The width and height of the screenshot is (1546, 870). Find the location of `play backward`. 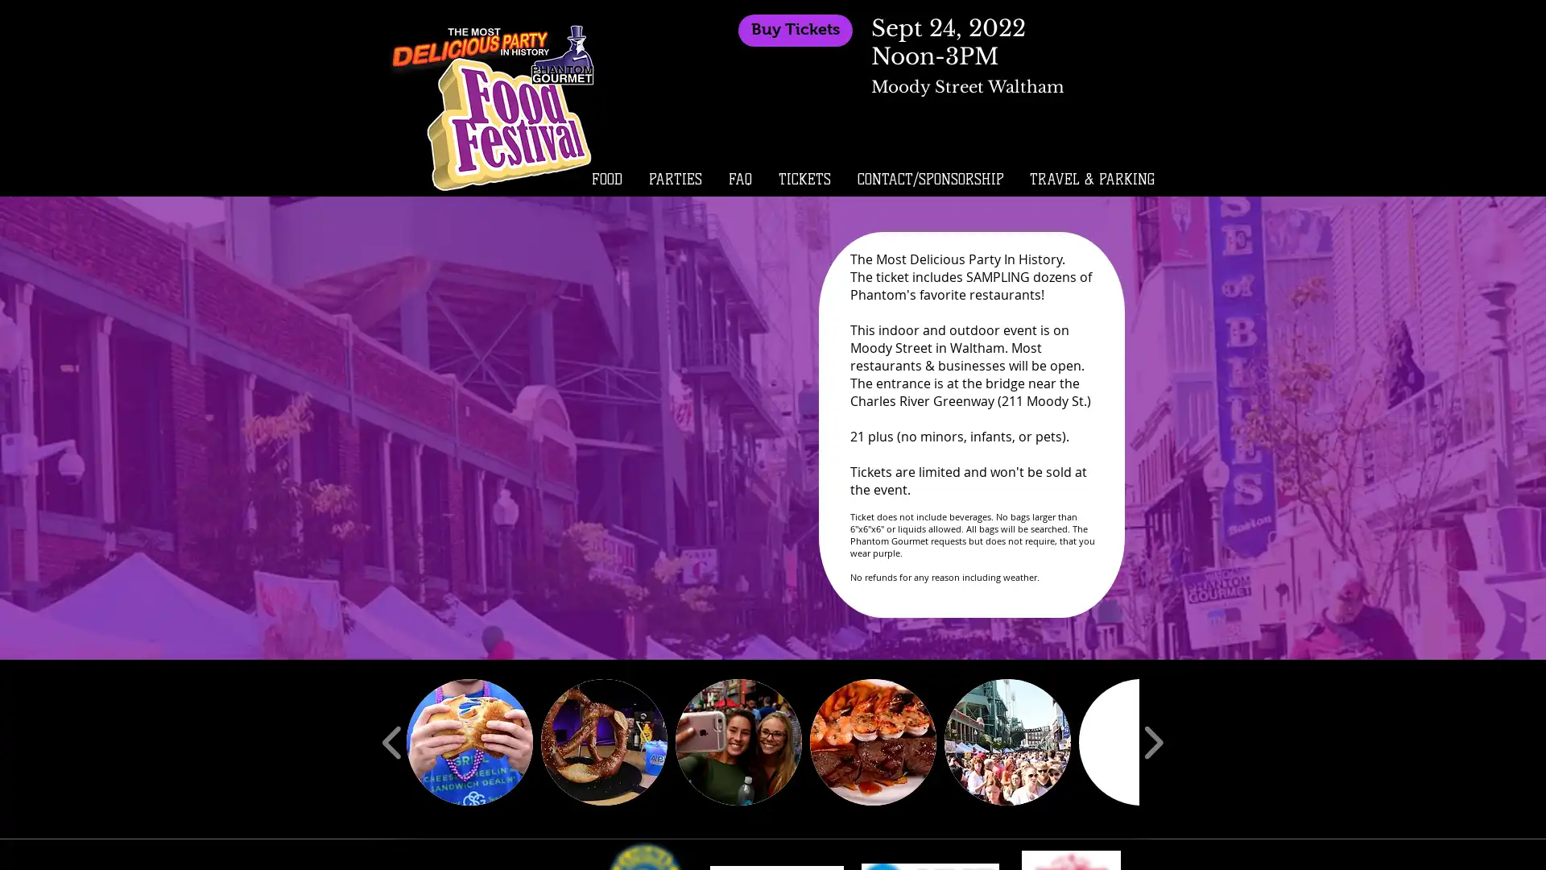

play backward is located at coordinates (392, 742).